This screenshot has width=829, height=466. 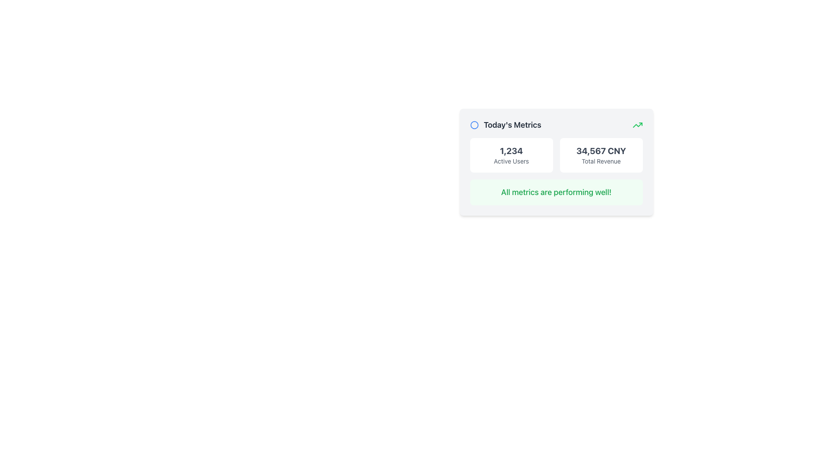 What do you see at coordinates (601, 154) in the screenshot?
I see `displayed total revenue amount from the Text Display Card located in the second column of the grid, adjacent to the '1,234 Active Users' metric cell` at bounding box center [601, 154].